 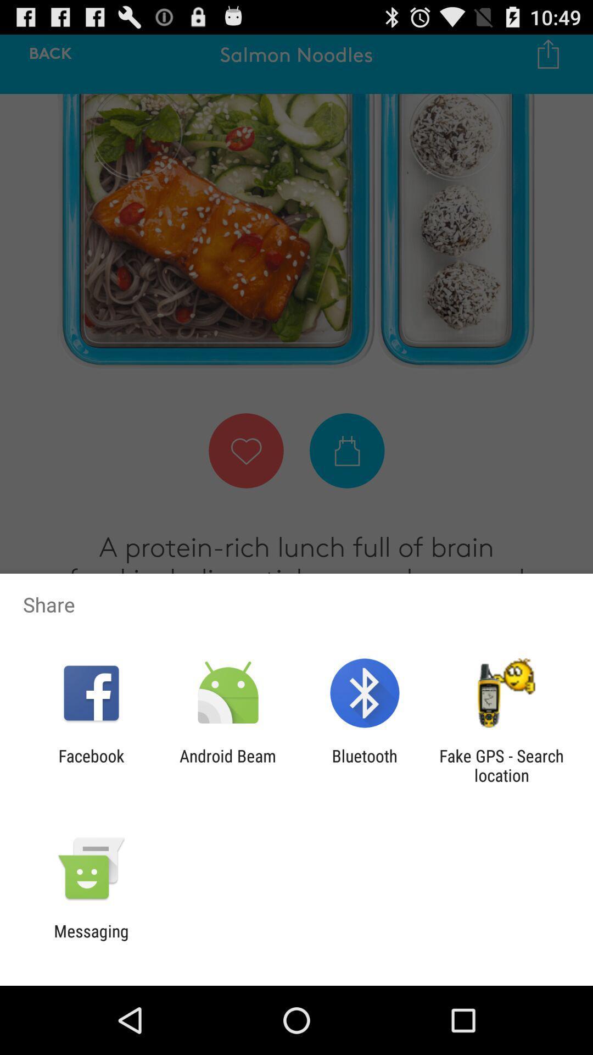 I want to click on the bluetooth item, so click(x=365, y=765).